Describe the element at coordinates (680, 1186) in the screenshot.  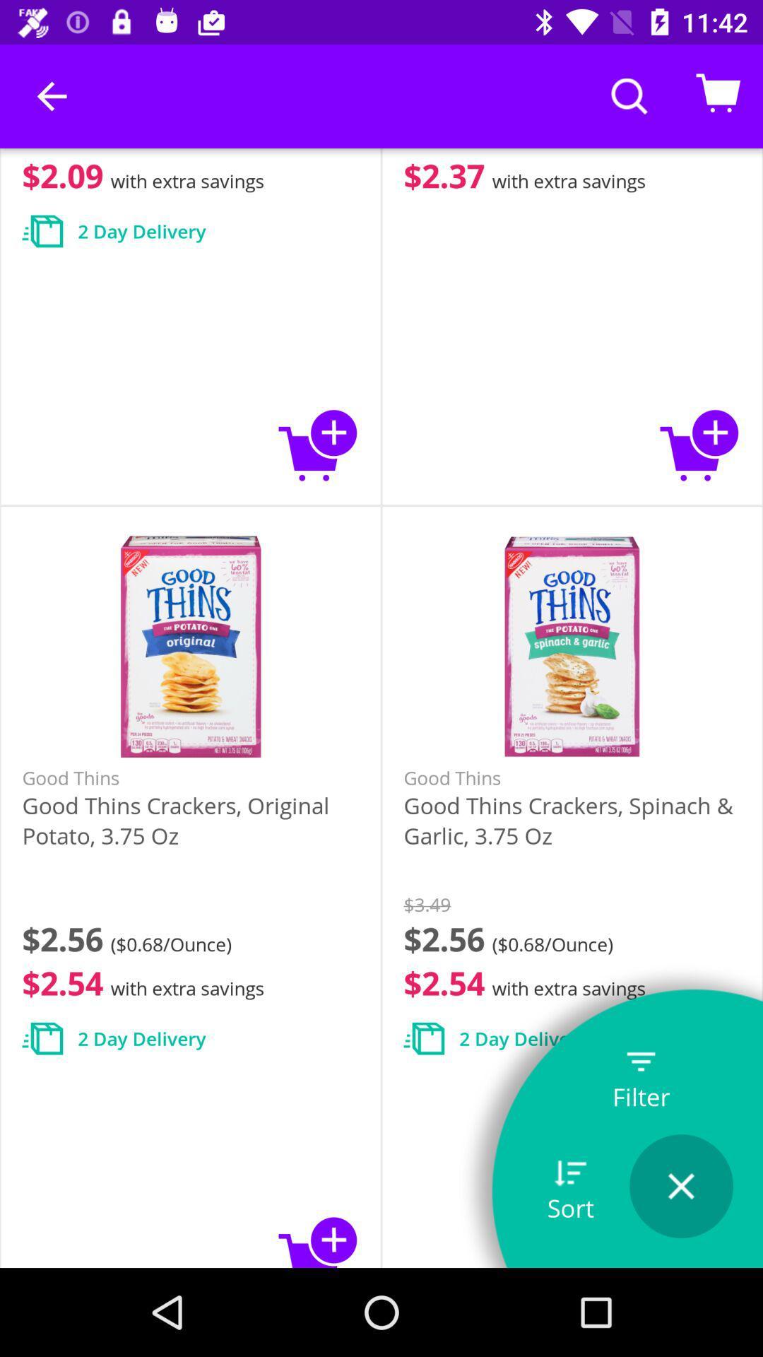
I see `the close icon` at that location.